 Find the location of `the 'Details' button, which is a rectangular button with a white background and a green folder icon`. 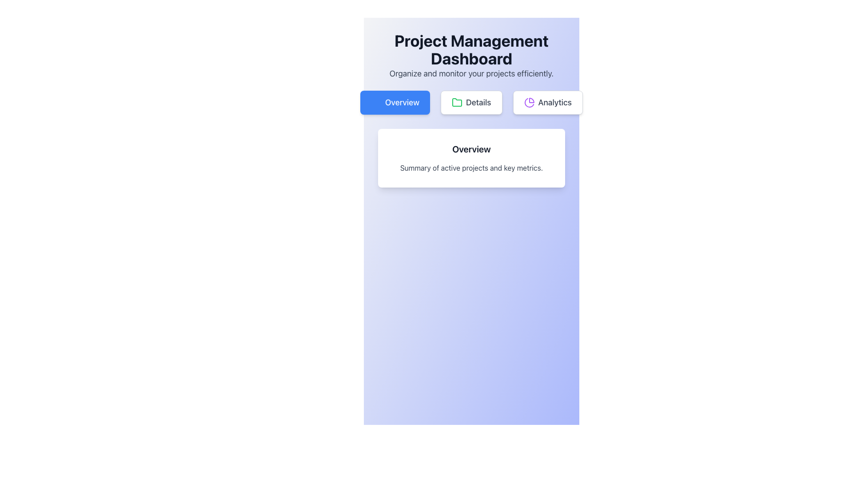

the 'Details' button, which is a rectangular button with a white background and a green folder icon is located at coordinates (471, 102).